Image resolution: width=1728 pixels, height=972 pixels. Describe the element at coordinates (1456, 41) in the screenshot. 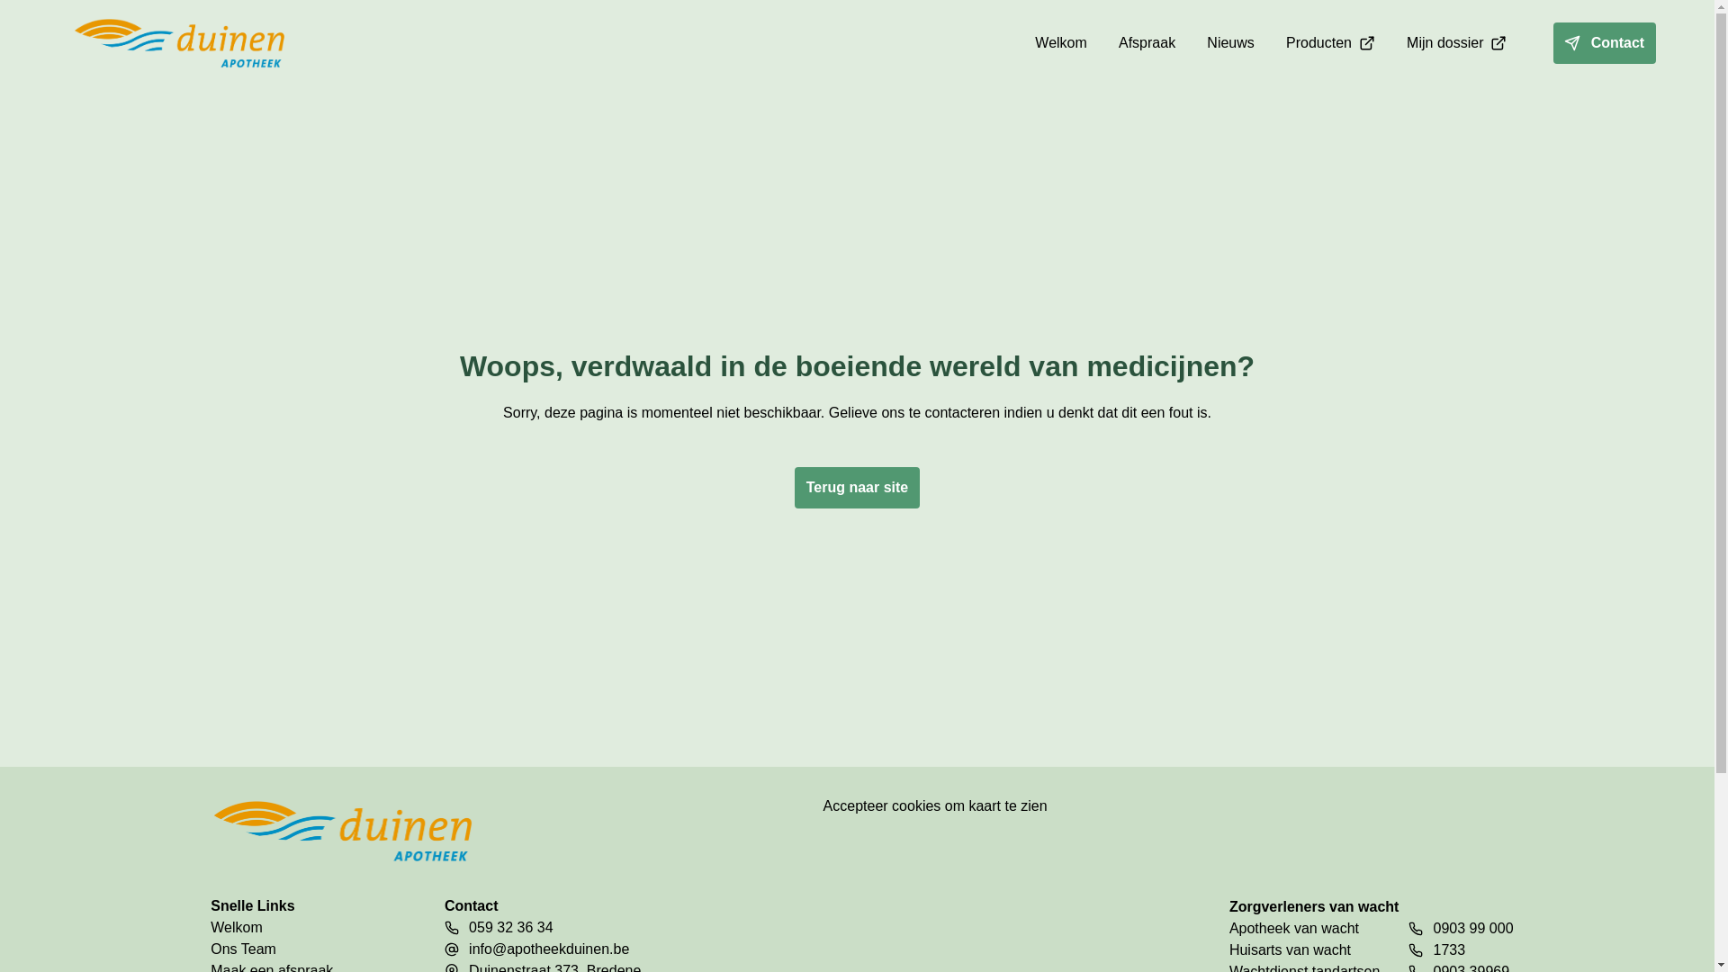

I see `'Mijn dossier'` at that location.